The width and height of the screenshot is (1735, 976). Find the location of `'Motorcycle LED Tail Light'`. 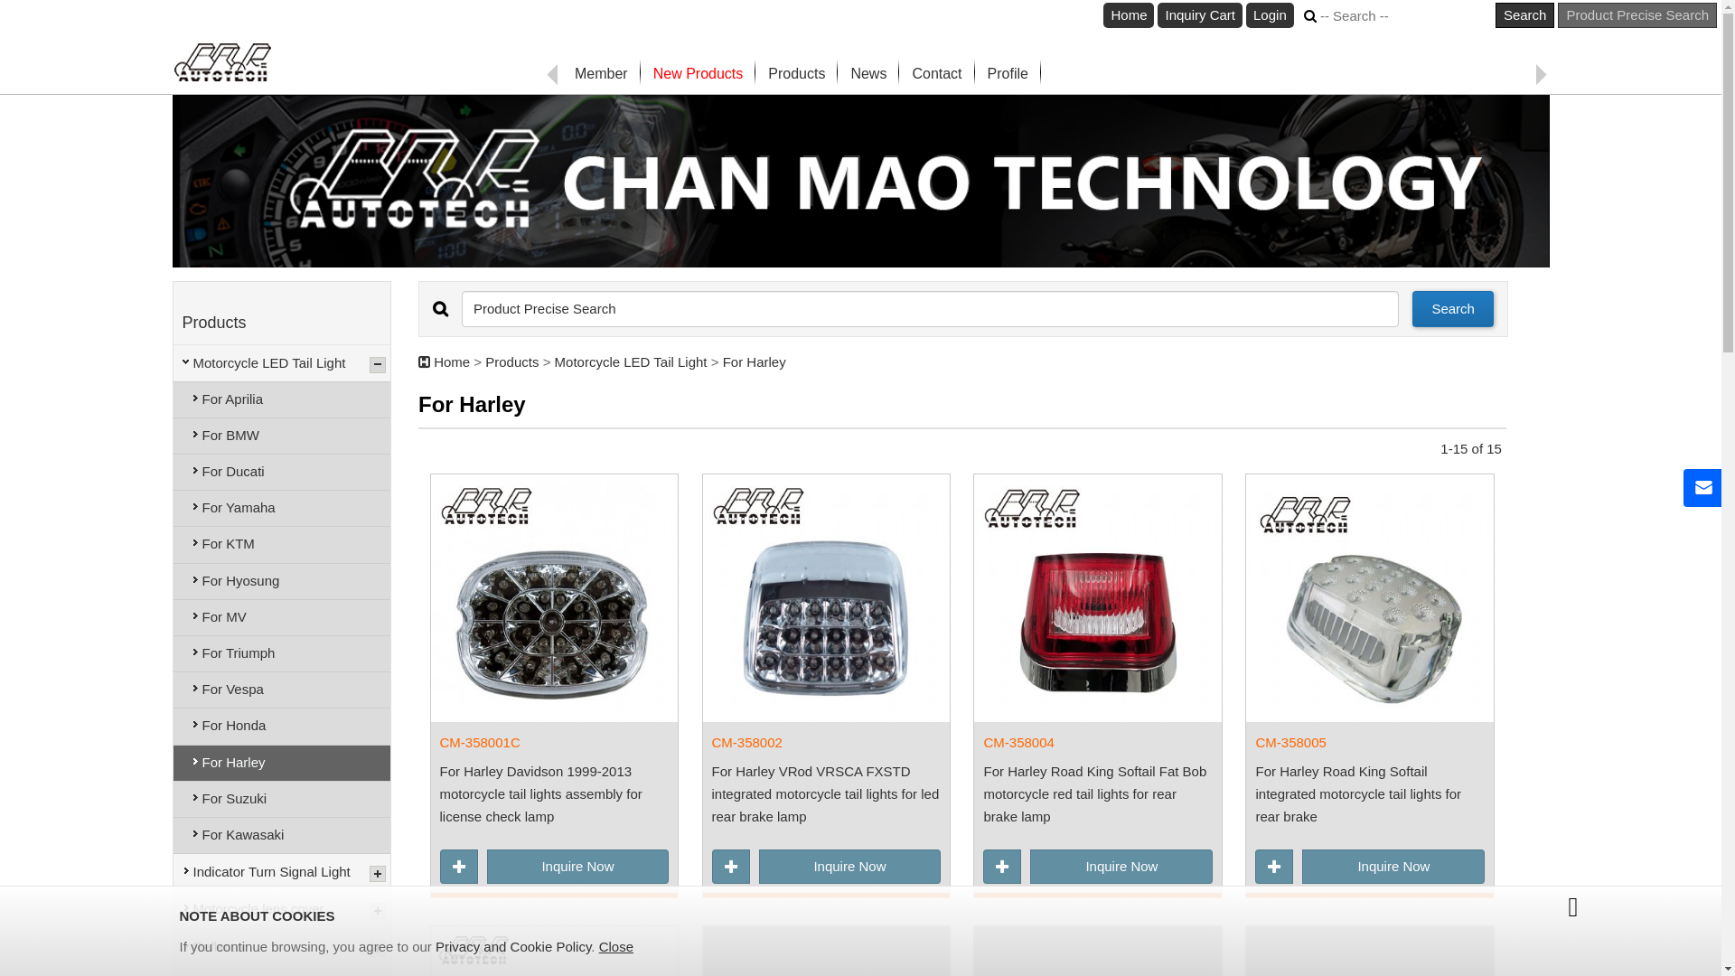

'Motorcycle LED Tail Light' is located at coordinates (279, 361).